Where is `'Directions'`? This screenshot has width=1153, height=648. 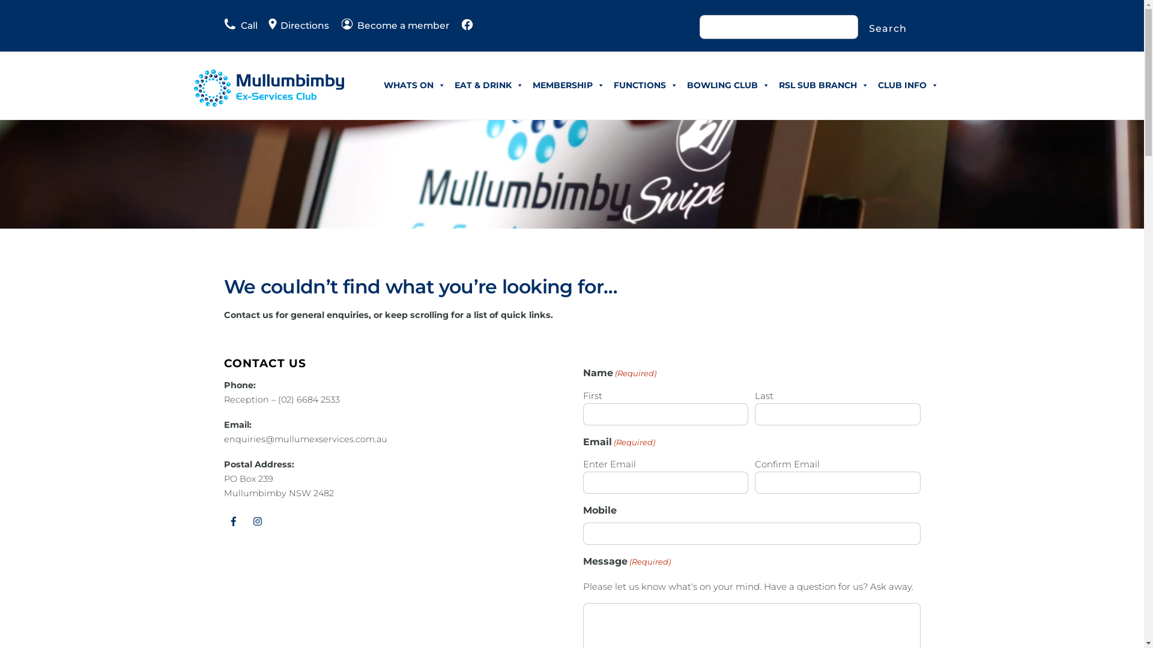
'Directions' is located at coordinates (292, 25).